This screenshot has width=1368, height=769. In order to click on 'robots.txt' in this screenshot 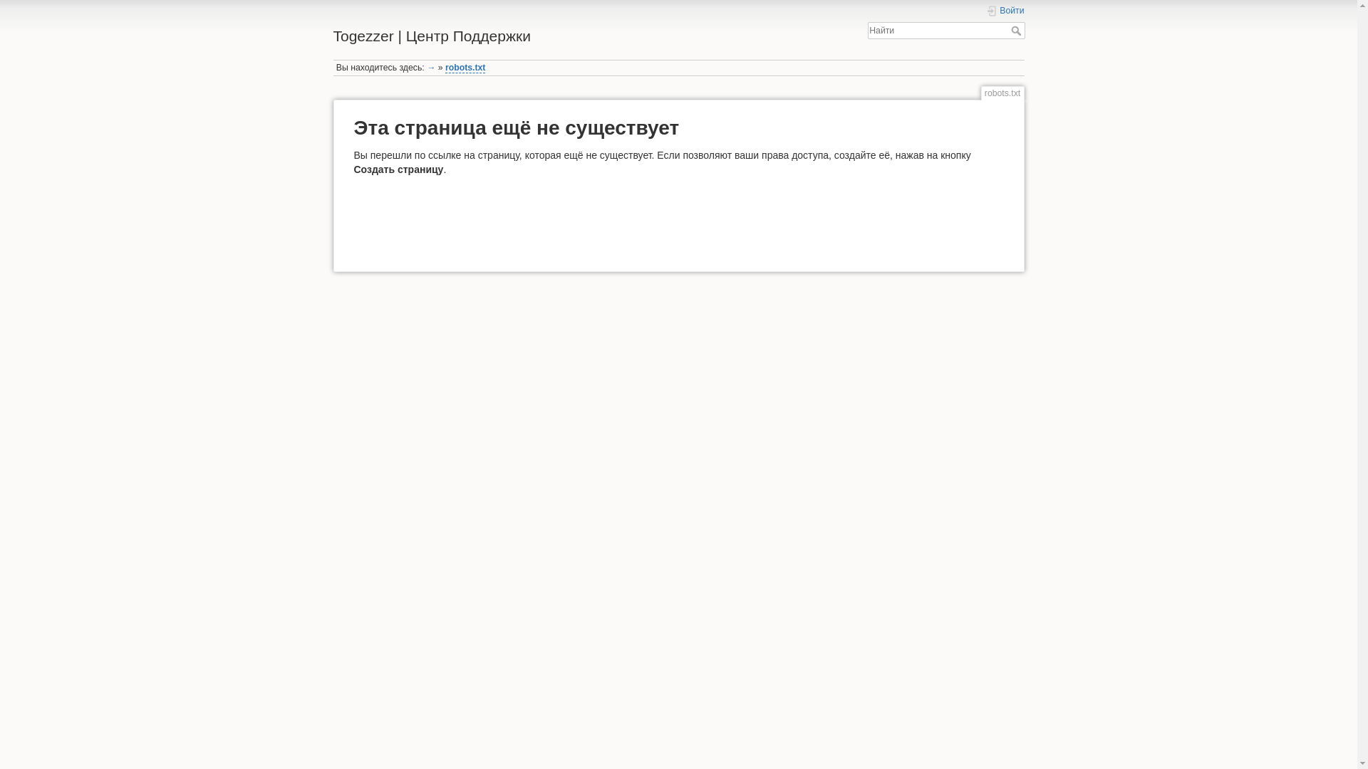, I will do `click(465, 68)`.